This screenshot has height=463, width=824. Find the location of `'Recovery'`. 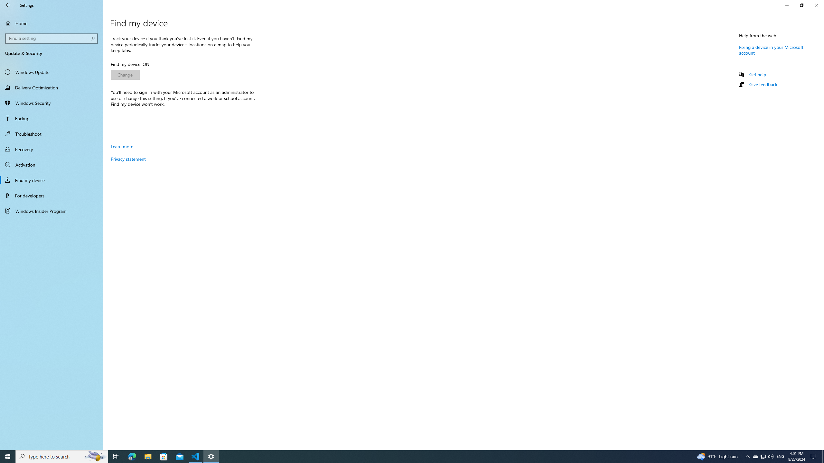

'Recovery' is located at coordinates (51, 149).